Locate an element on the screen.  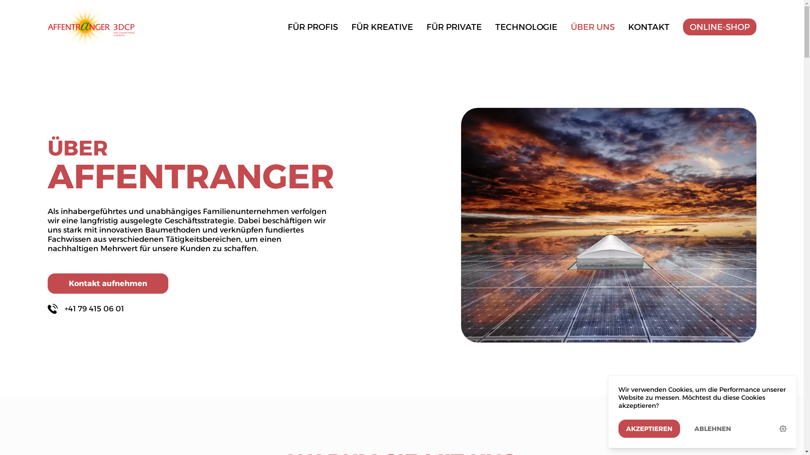
'AKZEPTIEREN' is located at coordinates (649, 428).